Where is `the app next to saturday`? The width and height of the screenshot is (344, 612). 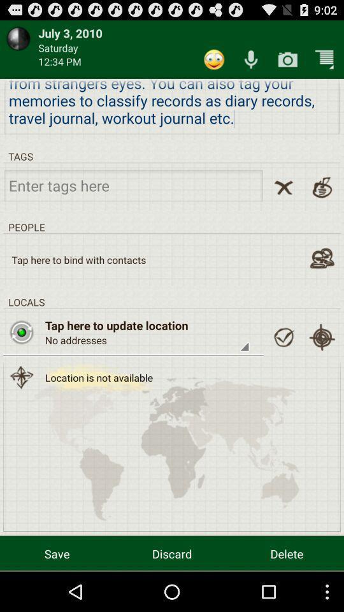
the app next to saturday is located at coordinates (214, 59).